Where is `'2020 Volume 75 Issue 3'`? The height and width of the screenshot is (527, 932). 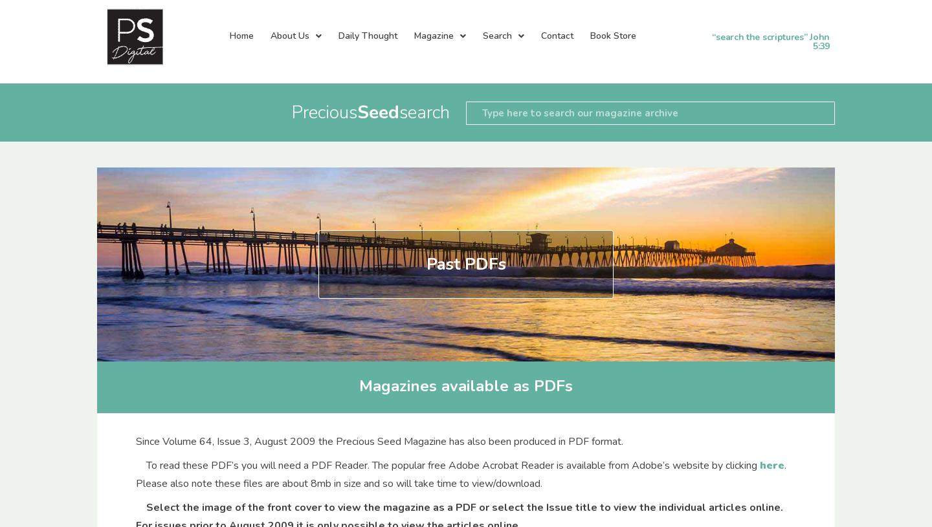
'2020 Volume 75 Issue 3' is located at coordinates (299, 491).